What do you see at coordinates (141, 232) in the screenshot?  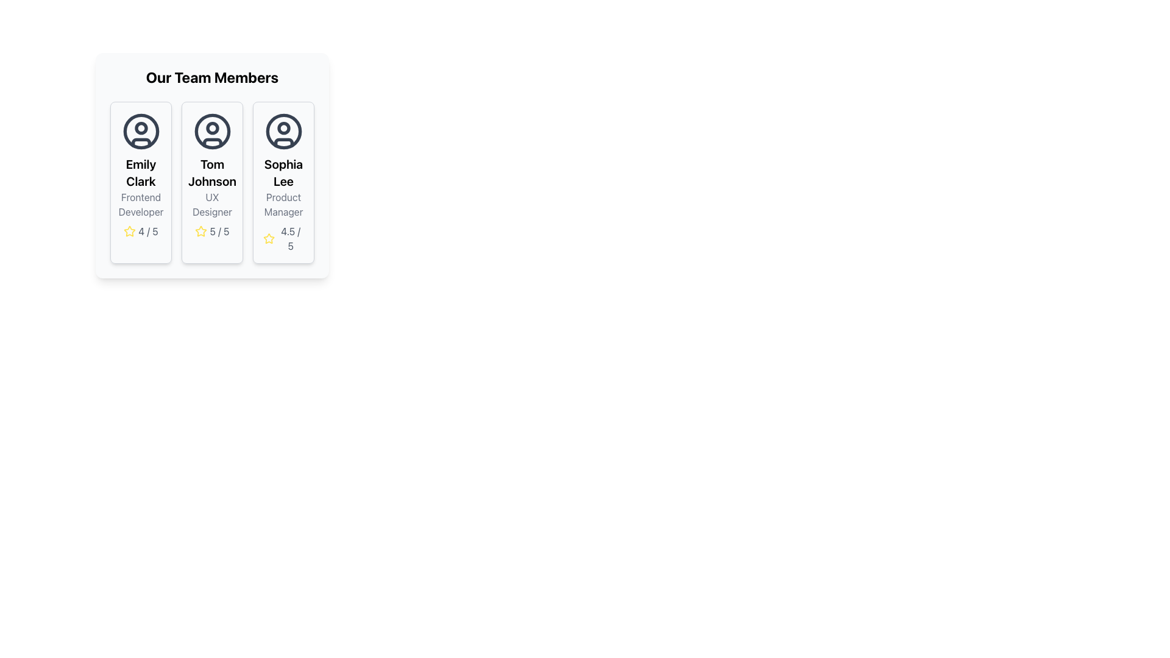 I see `rating score displayed for Emily Clark, which is part of her profile information located in the leftmost panel of the 'Our Team Members' section` at bounding box center [141, 232].